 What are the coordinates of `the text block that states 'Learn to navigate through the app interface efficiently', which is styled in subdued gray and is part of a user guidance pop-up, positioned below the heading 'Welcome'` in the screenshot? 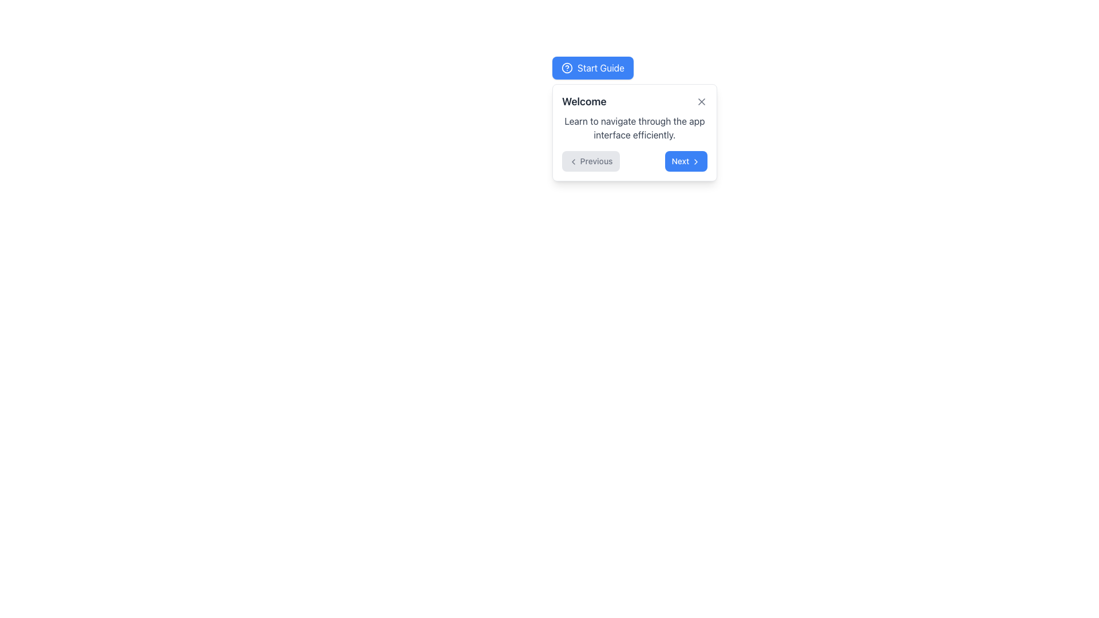 It's located at (634, 128).